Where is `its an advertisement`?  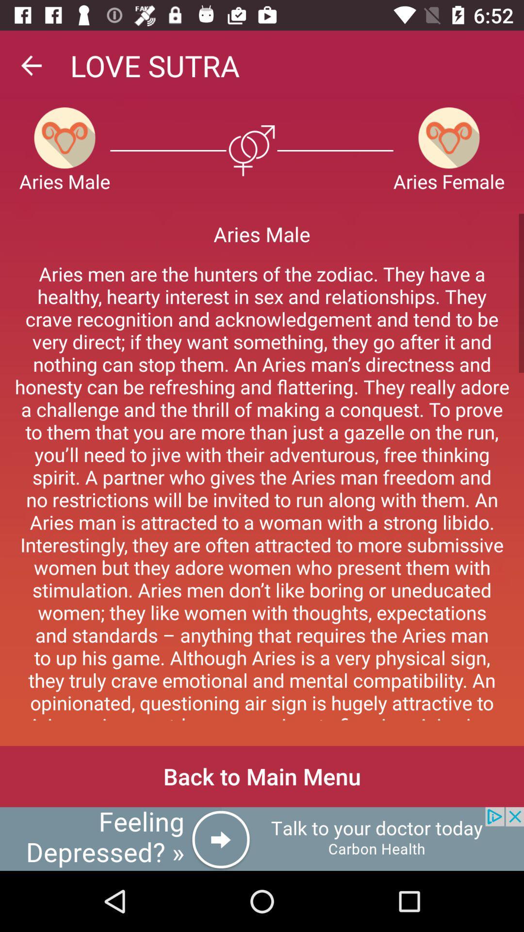 its an advertisement is located at coordinates (262, 838).